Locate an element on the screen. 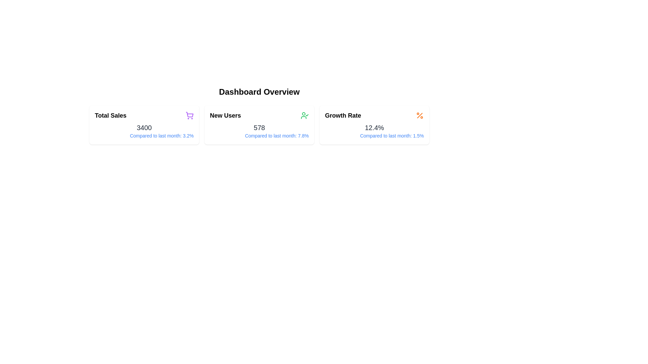 The height and width of the screenshot is (364, 648). the static text element displaying '12.4%' located in the 'Growth Rate' card on the dashboard, which is styled in bold, extra-large dark gray font is located at coordinates (374, 127).